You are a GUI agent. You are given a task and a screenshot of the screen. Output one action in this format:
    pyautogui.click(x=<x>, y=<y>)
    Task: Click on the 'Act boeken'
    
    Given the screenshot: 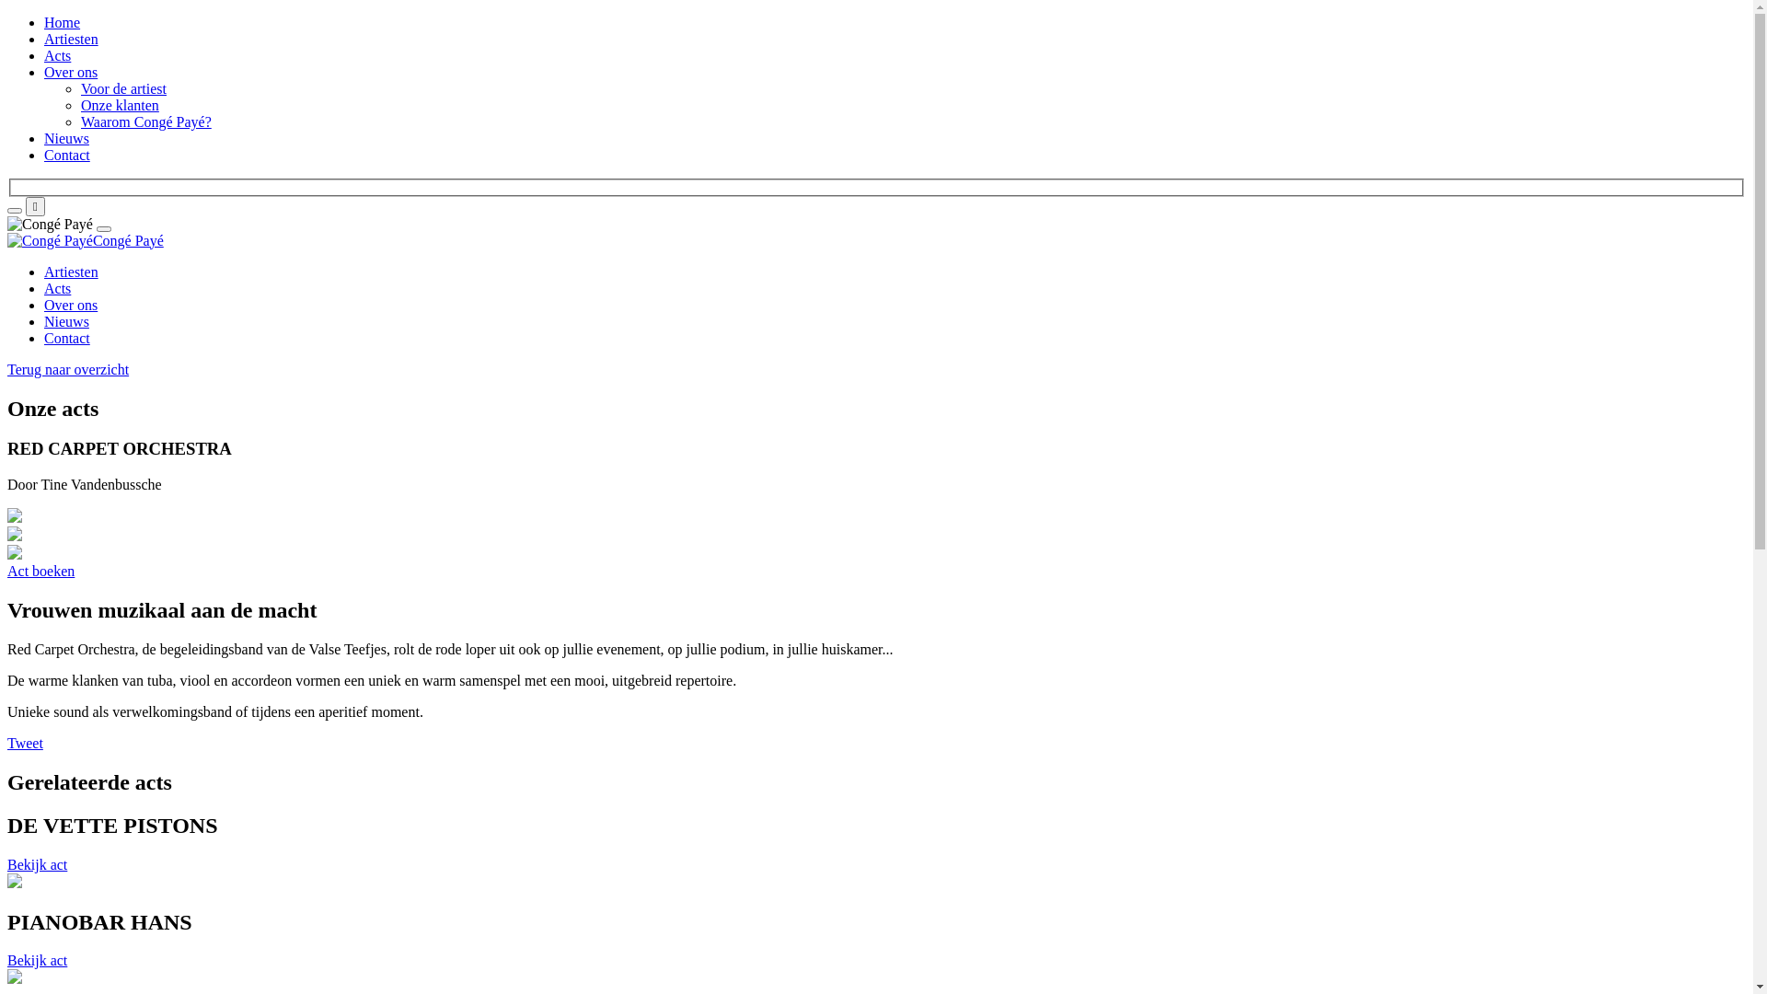 What is the action you would take?
    pyautogui.click(x=40, y=570)
    